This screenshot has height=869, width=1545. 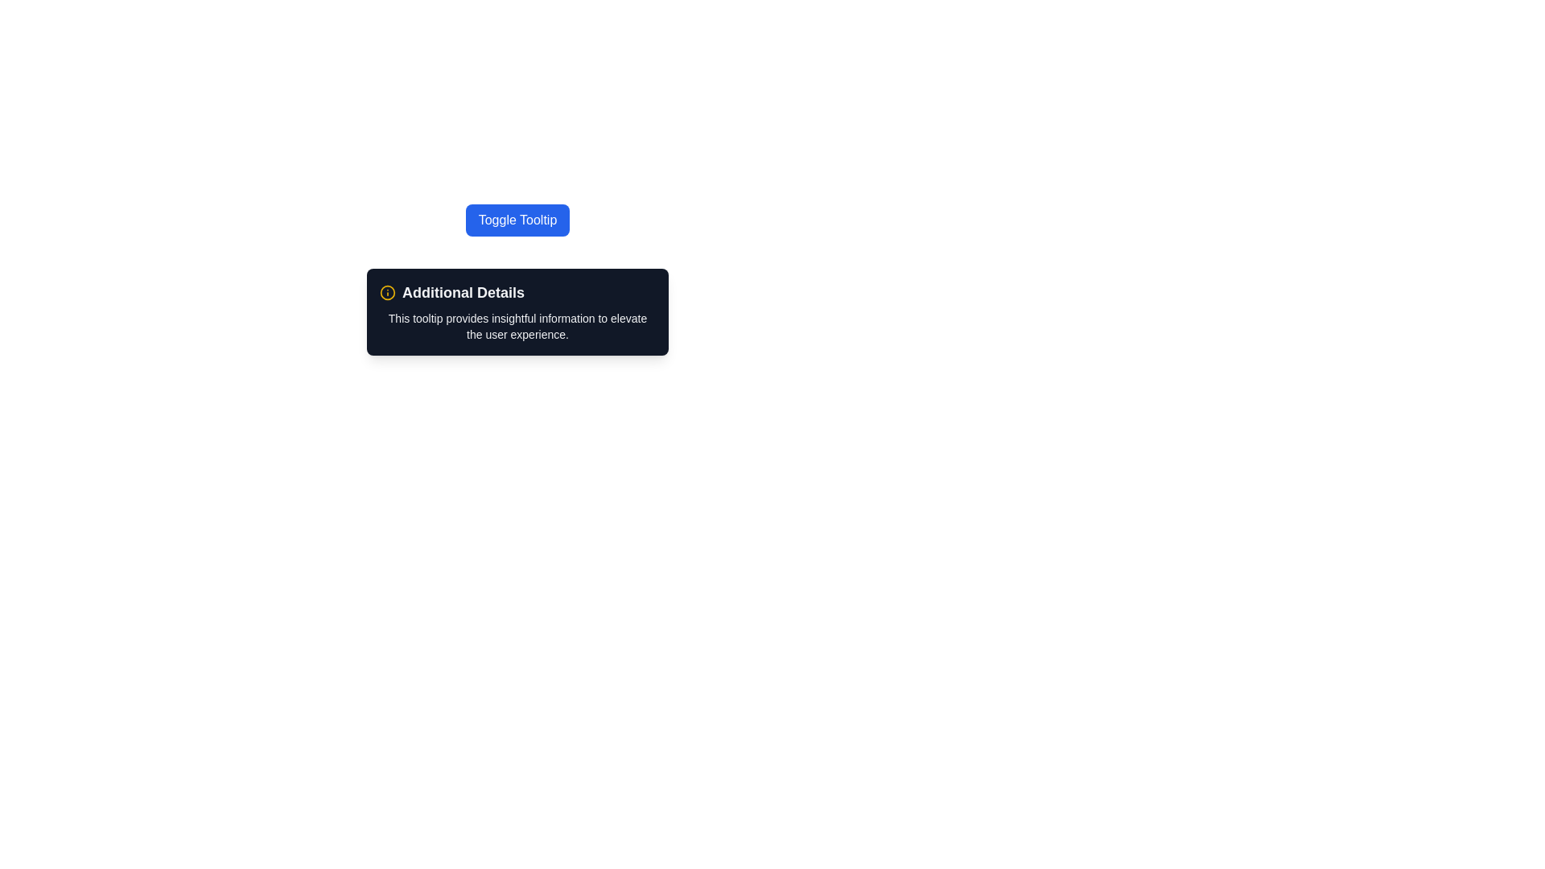 What do you see at coordinates (517, 220) in the screenshot?
I see `the button located above the tooltip section` at bounding box center [517, 220].